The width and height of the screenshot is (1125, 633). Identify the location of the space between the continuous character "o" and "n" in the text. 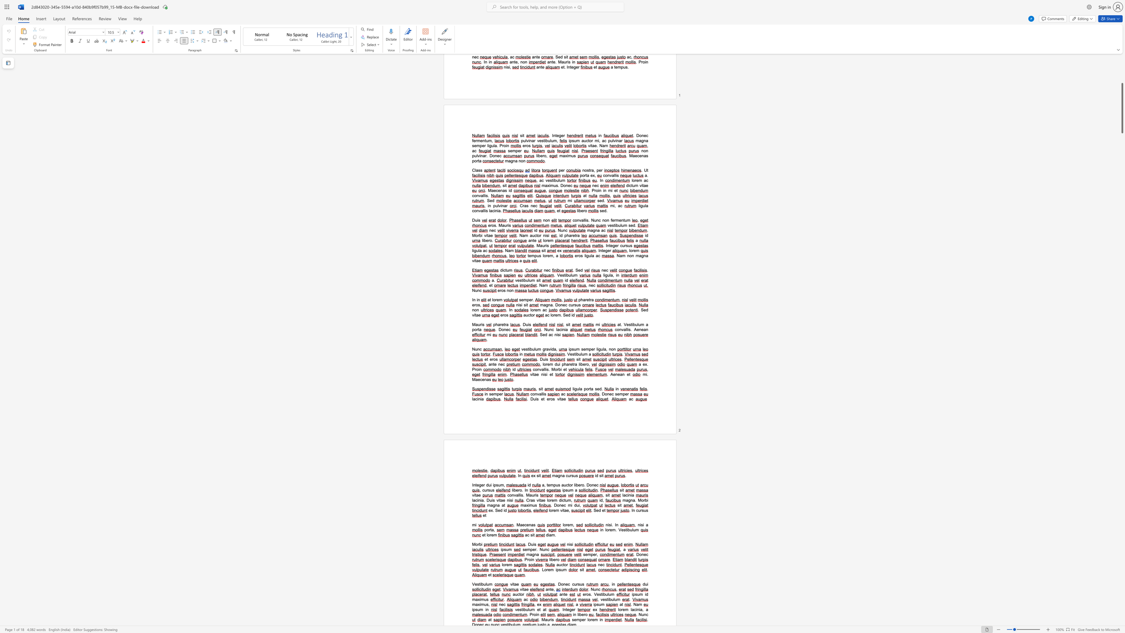
(537, 369).